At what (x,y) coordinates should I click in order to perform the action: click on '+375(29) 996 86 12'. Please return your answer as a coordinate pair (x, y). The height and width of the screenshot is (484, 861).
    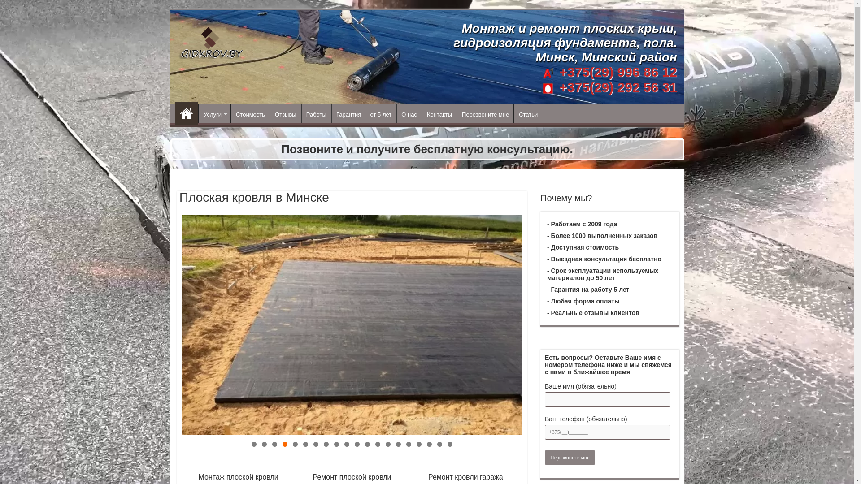
    Looking at the image, I should click on (617, 71).